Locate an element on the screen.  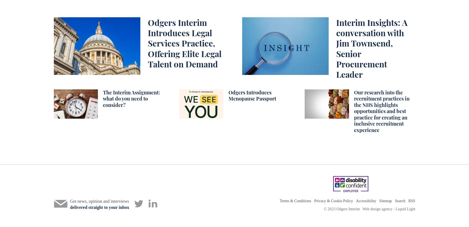
'Get news, opinion and interviews' is located at coordinates (99, 201).